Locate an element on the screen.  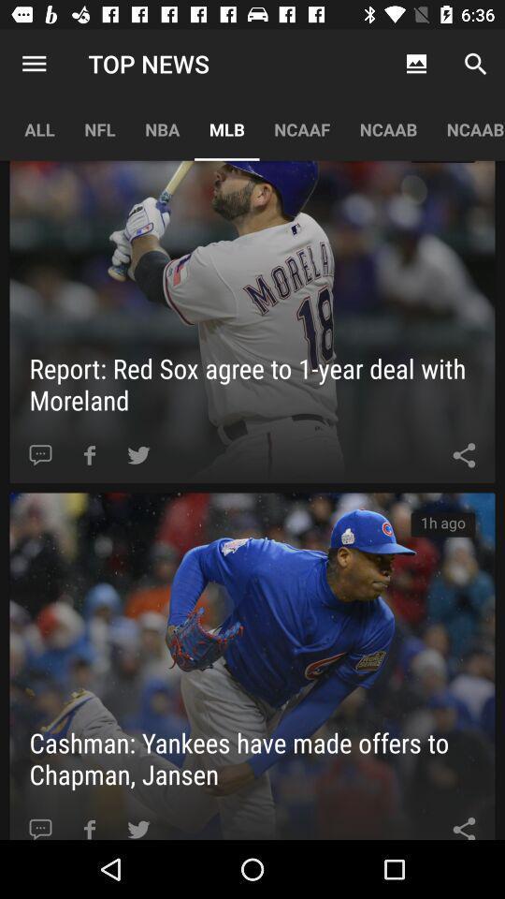
the icon next to the ncaaf item is located at coordinates (226, 128).